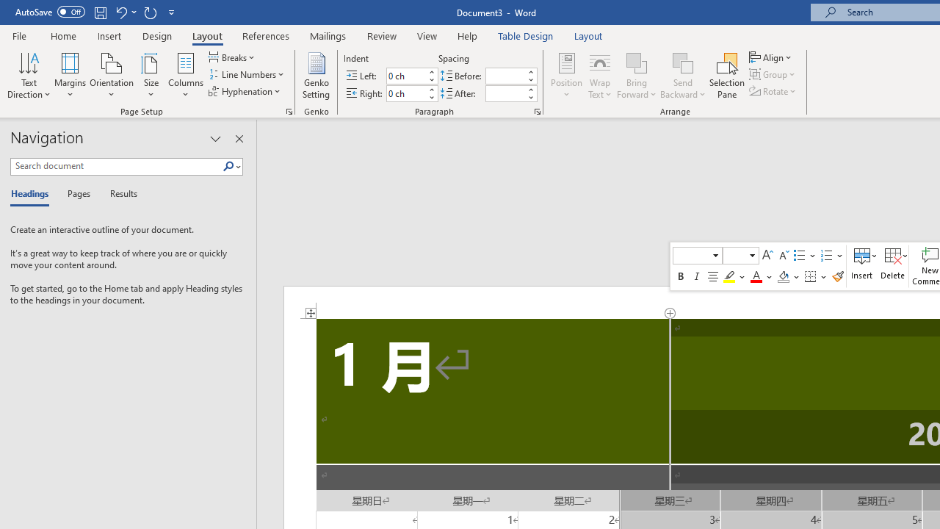 Image resolution: width=940 pixels, height=529 pixels. What do you see at coordinates (151, 76) in the screenshot?
I see `'Size'` at bounding box center [151, 76].